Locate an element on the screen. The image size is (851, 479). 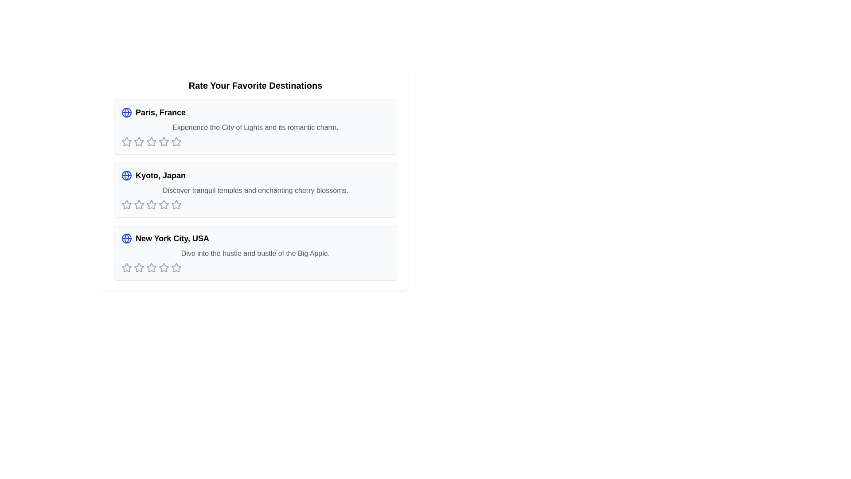
the text label displaying 'Paris, France' which is positioned beside a blue globe icon to highlight the text is located at coordinates (160, 112).